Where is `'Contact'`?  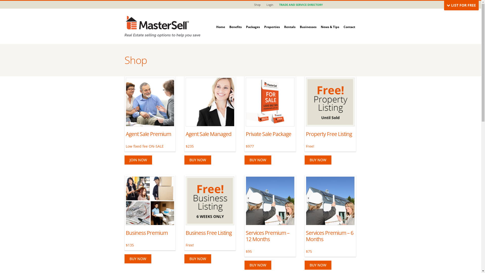 'Contact' is located at coordinates (343, 21).